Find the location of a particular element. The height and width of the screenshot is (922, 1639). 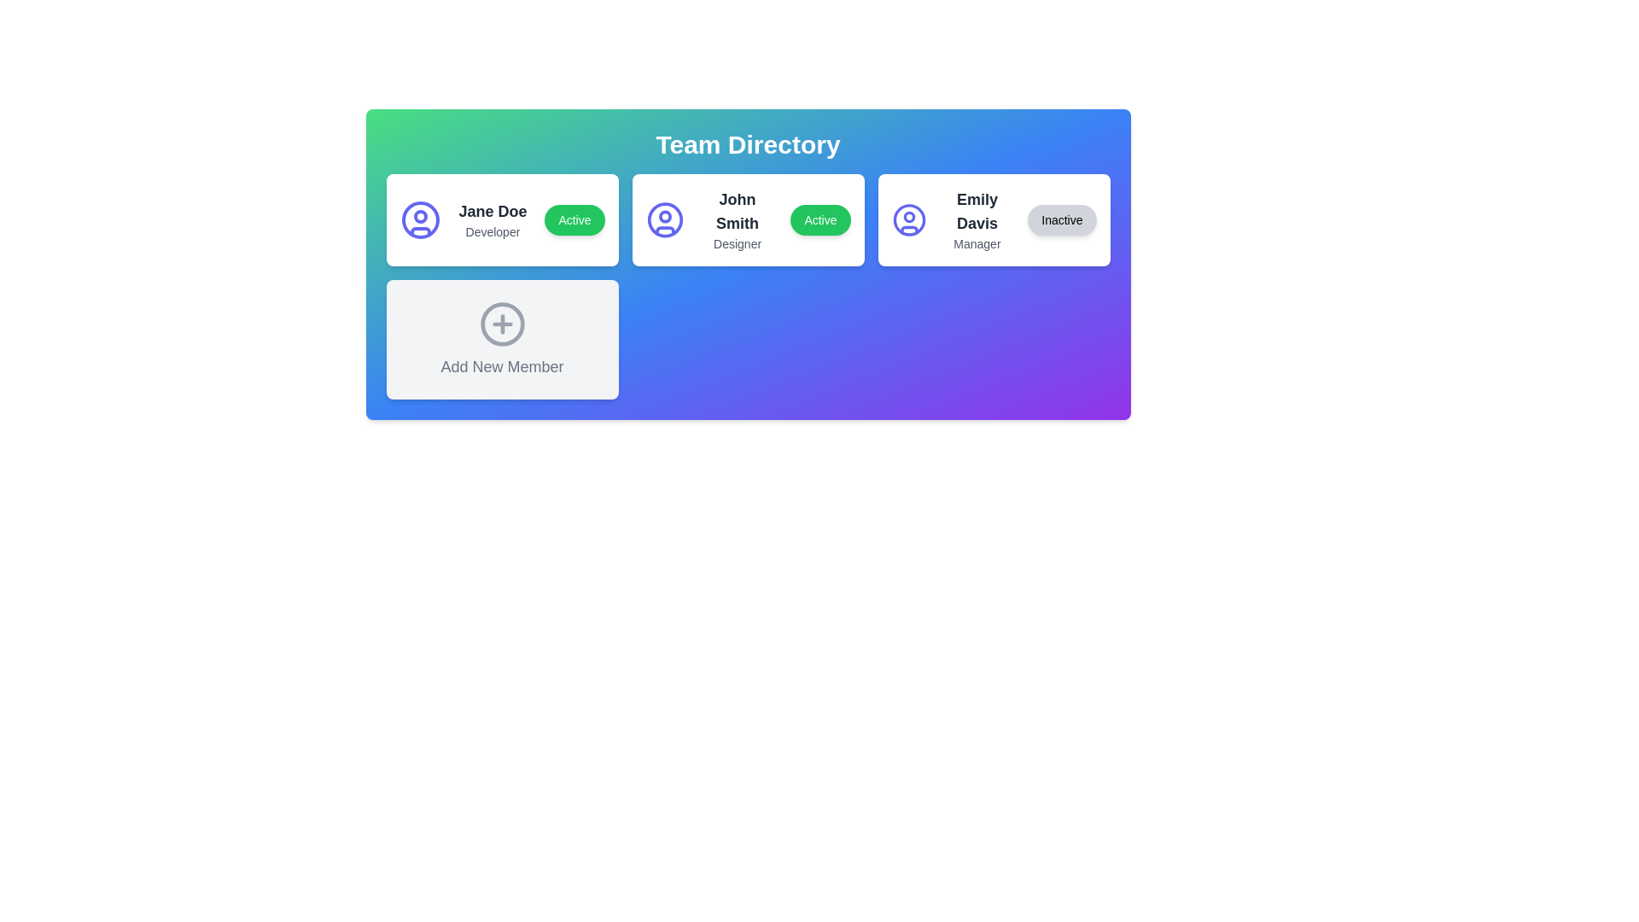

properties of the torso or neck region vector graphic of the profile icon for user 'John Smith', which is represented as a small, curved, rectangular shape within the circular profile image is located at coordinates (908, 229).